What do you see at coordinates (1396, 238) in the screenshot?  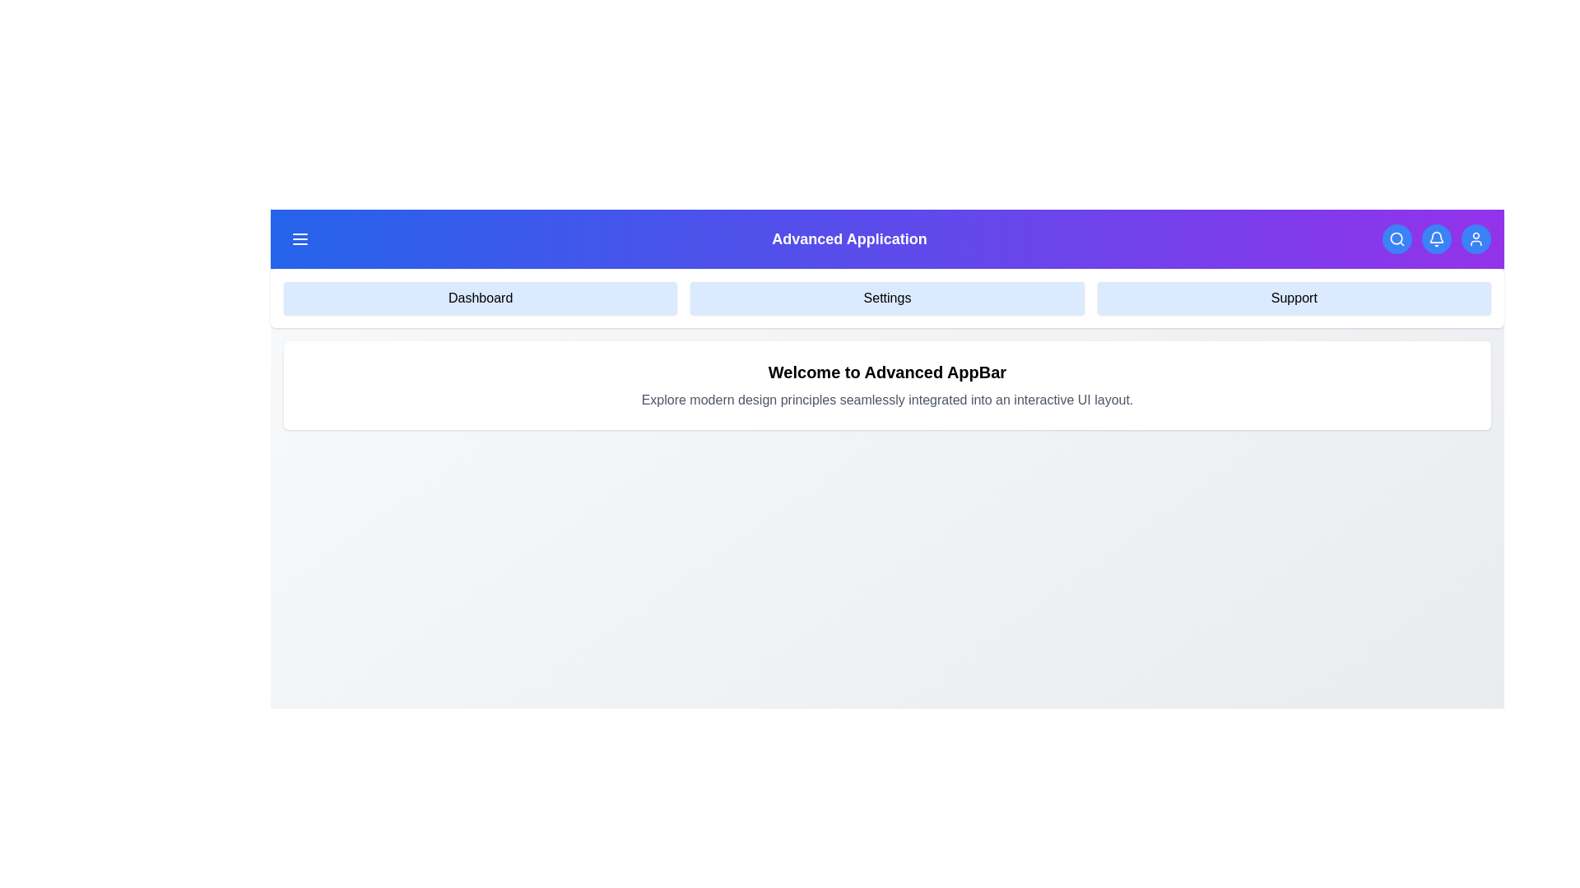 I see `the search icon in the app bar` at bounding box center [1396, 238].